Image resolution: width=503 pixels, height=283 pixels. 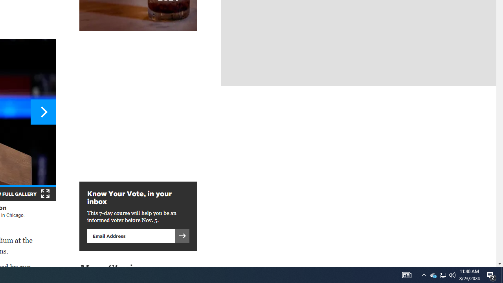 What do you see at coordinates (182, 235) in the screenshot?
I see `'Submit to sign up for newsletter'` at bounding box center [182, 235].